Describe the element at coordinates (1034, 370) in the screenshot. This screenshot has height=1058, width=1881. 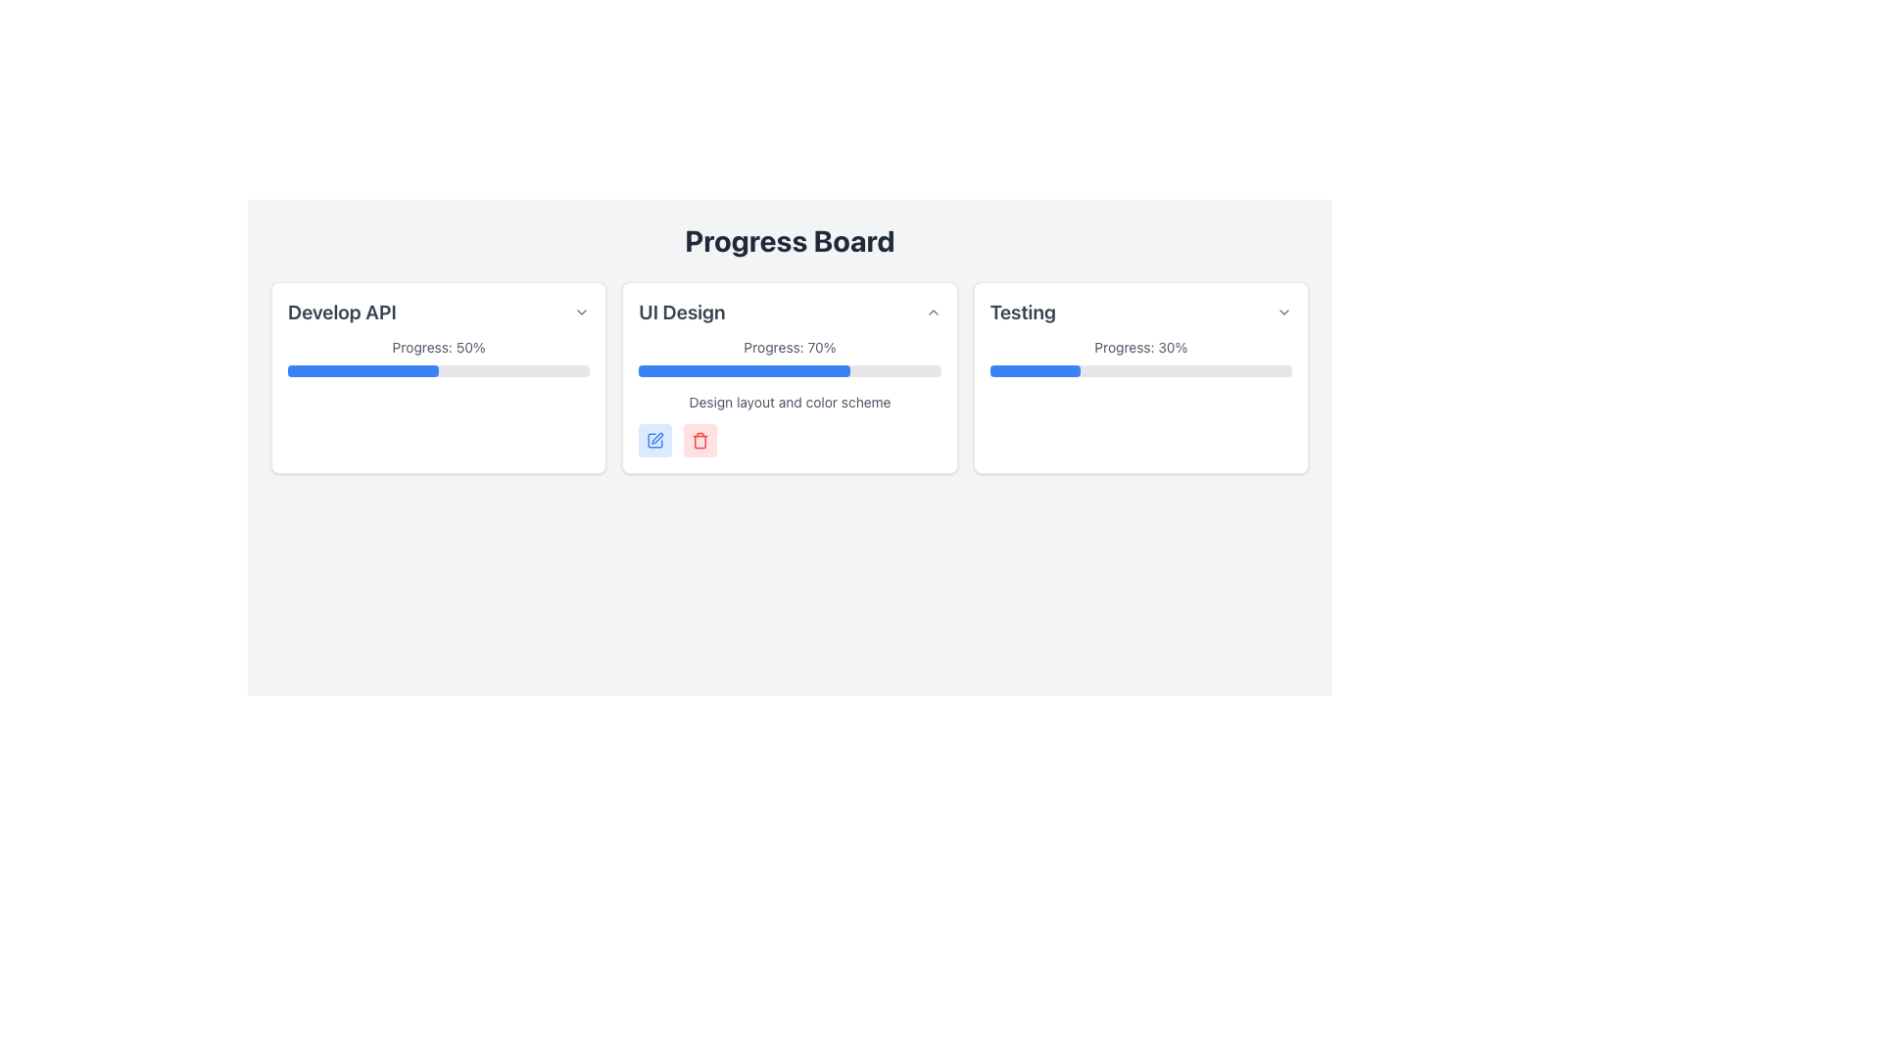
I see `the solid blue rectangle representing 30% progress in the 'Testing' section of the horizontal progress bar` at that location.